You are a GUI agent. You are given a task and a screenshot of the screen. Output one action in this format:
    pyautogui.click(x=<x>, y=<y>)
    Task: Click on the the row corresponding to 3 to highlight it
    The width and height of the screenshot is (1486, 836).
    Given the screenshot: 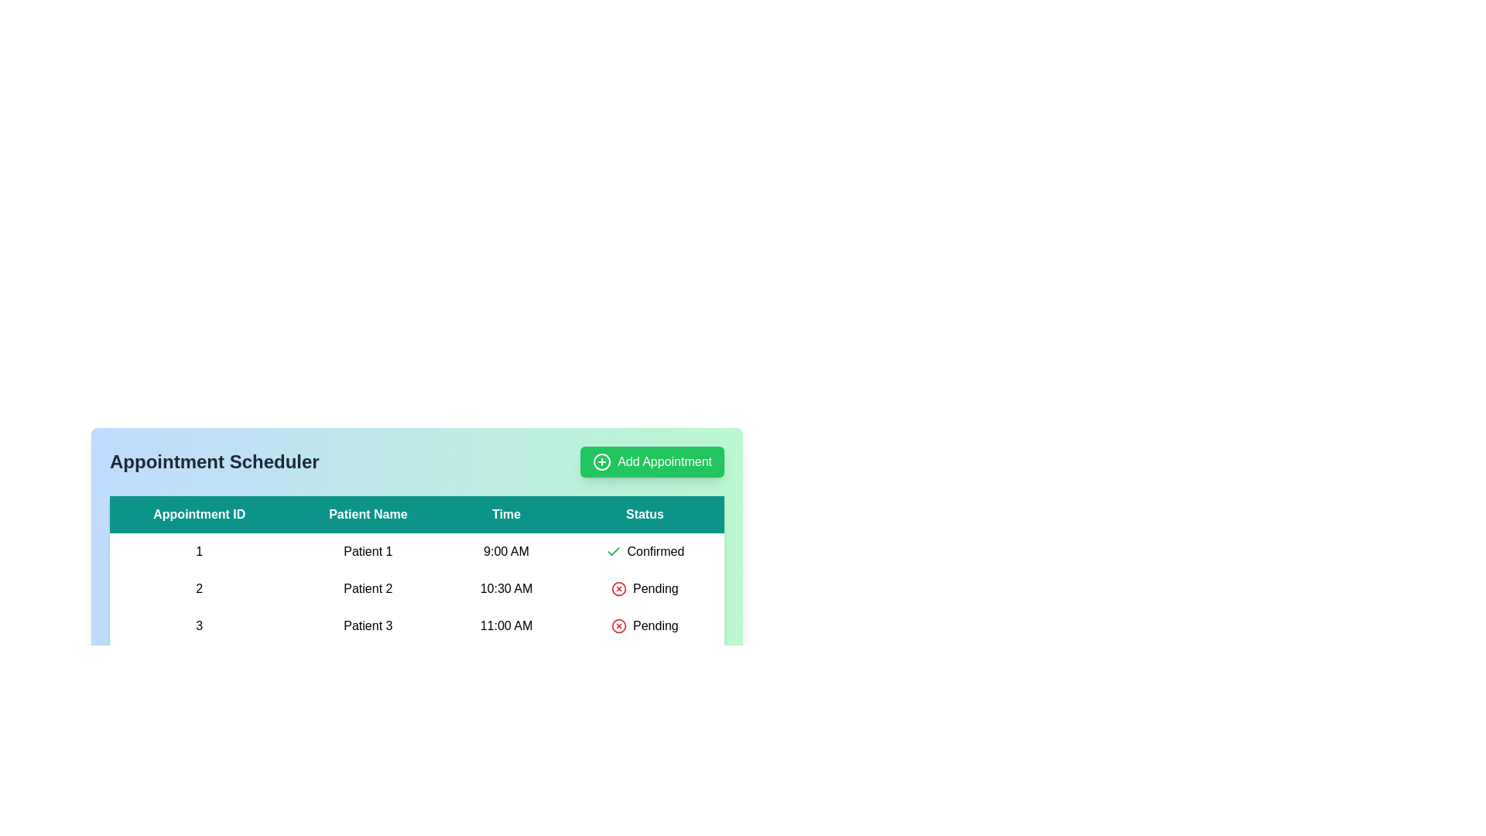 What is the action you would take?
    pyautogui.click(x=416, y=625)
    